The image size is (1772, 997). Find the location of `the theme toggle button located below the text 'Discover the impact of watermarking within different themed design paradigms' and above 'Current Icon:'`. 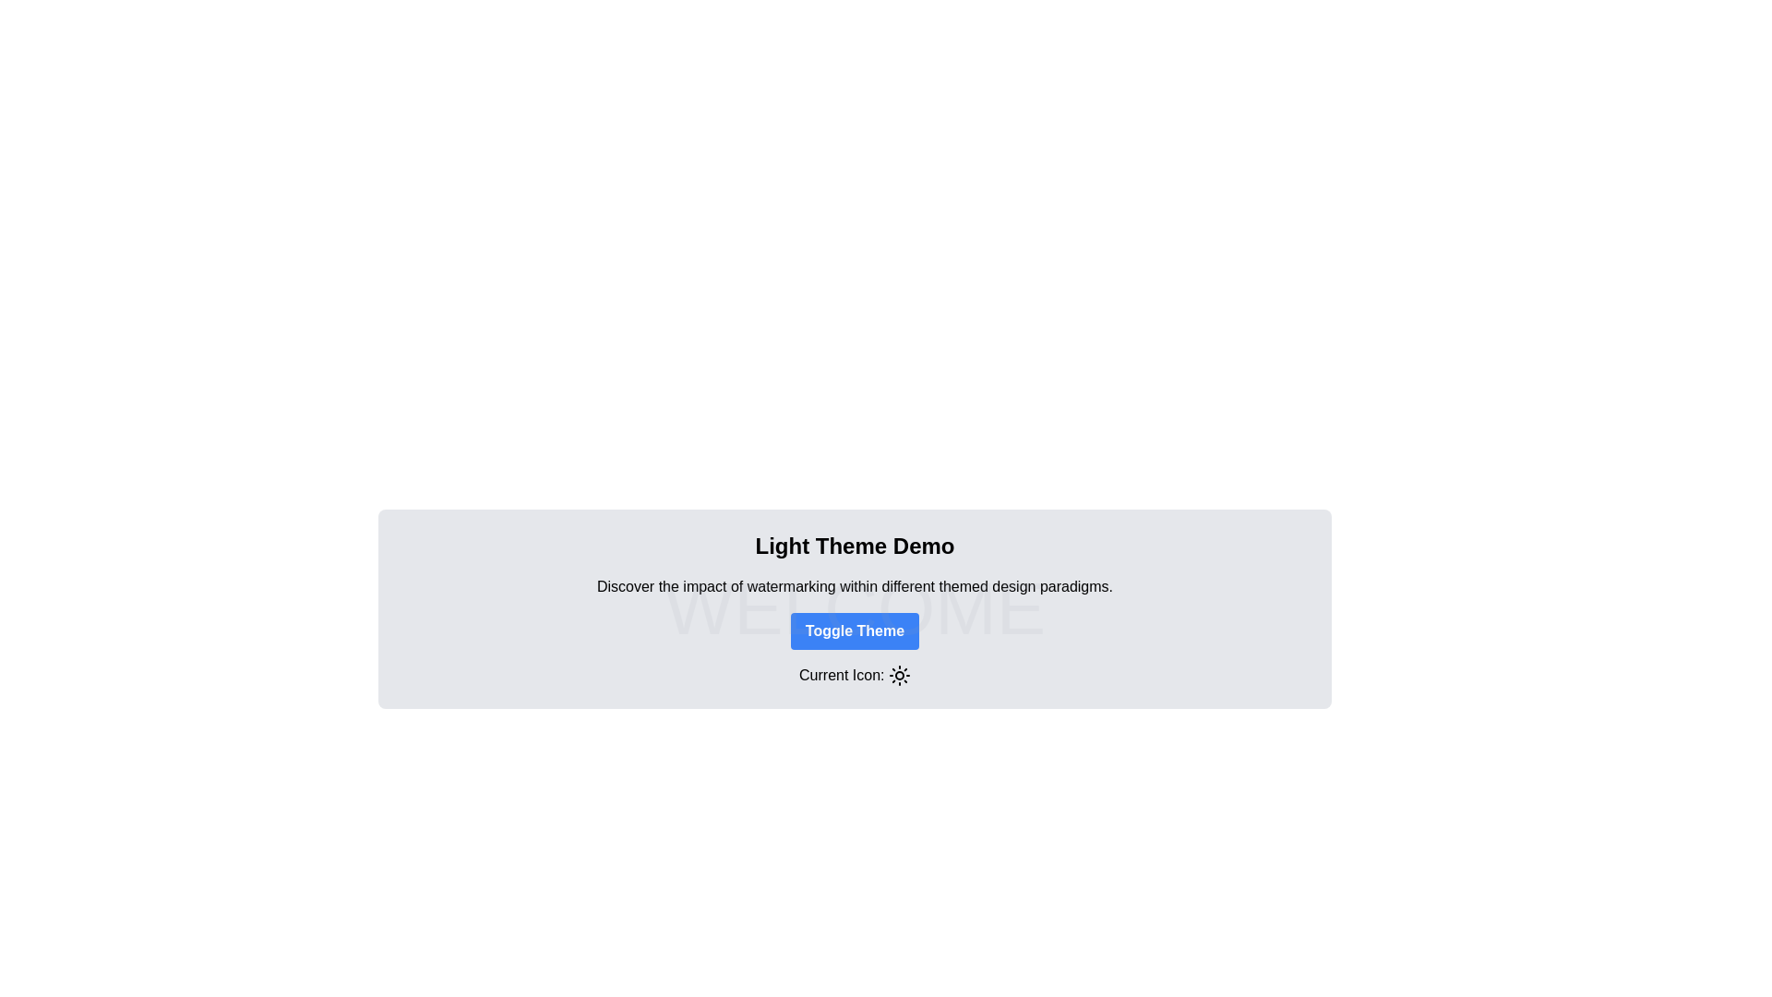

the theme toggle button located below the text 'Discover the impact of watermarking within different themed design paradigms' and above 'Current Icon:' is located at coordinates (854, 630).